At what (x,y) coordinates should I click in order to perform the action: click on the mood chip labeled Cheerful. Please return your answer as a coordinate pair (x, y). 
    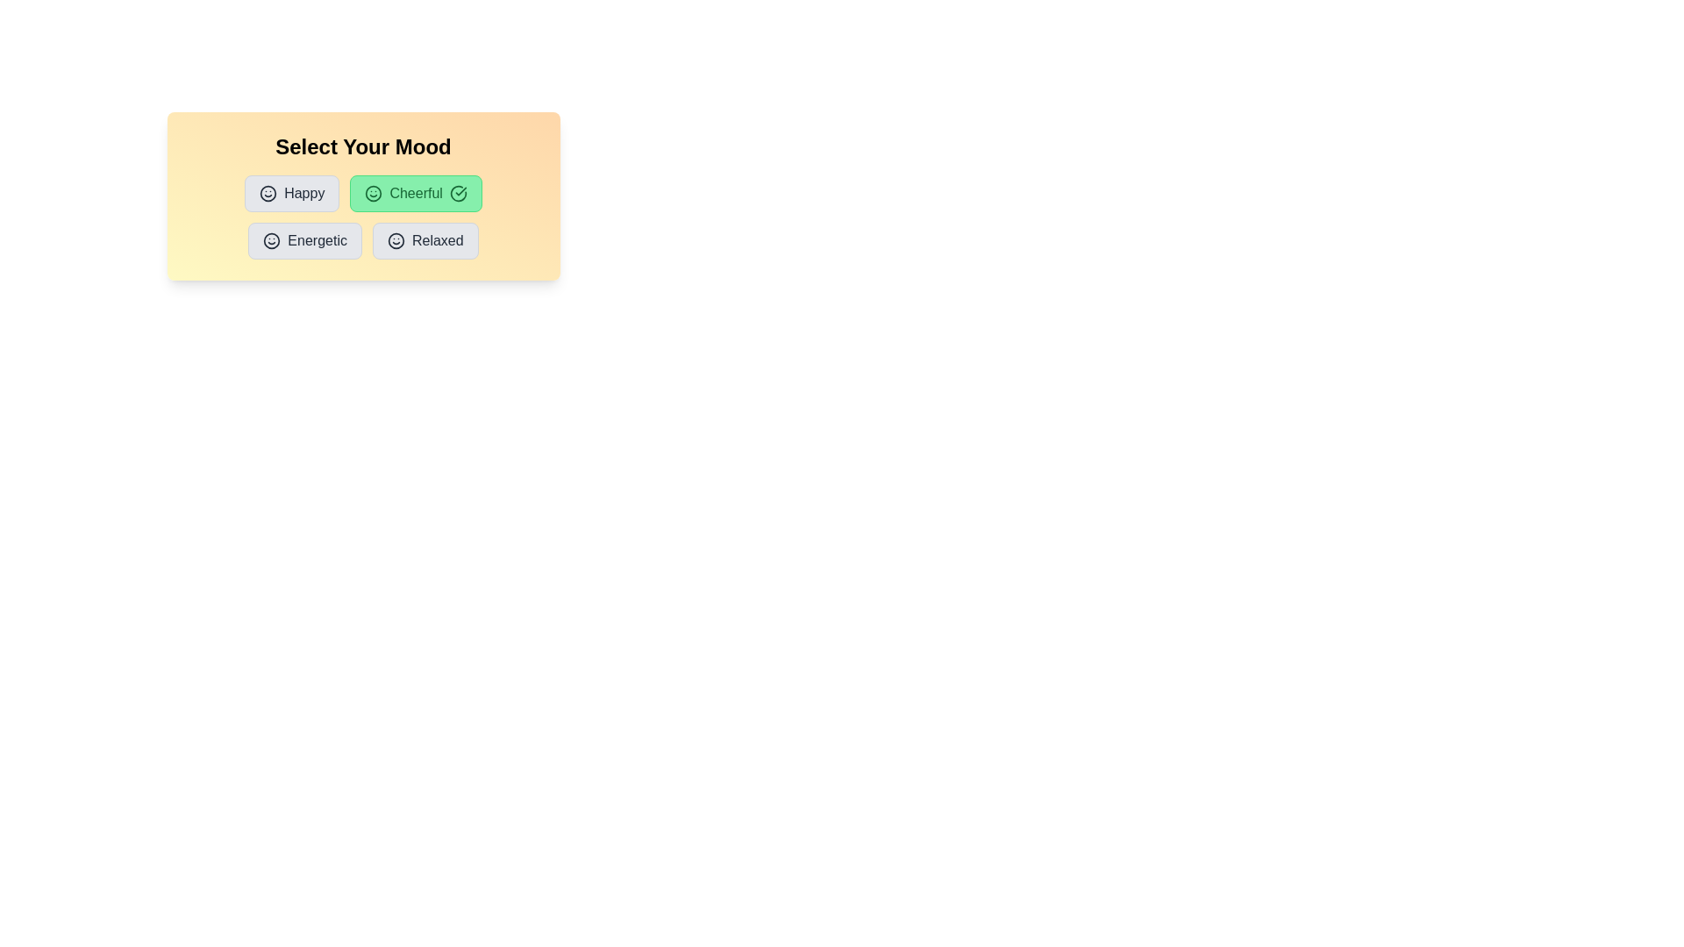
    Looking at the image, I should click on (415, 193).